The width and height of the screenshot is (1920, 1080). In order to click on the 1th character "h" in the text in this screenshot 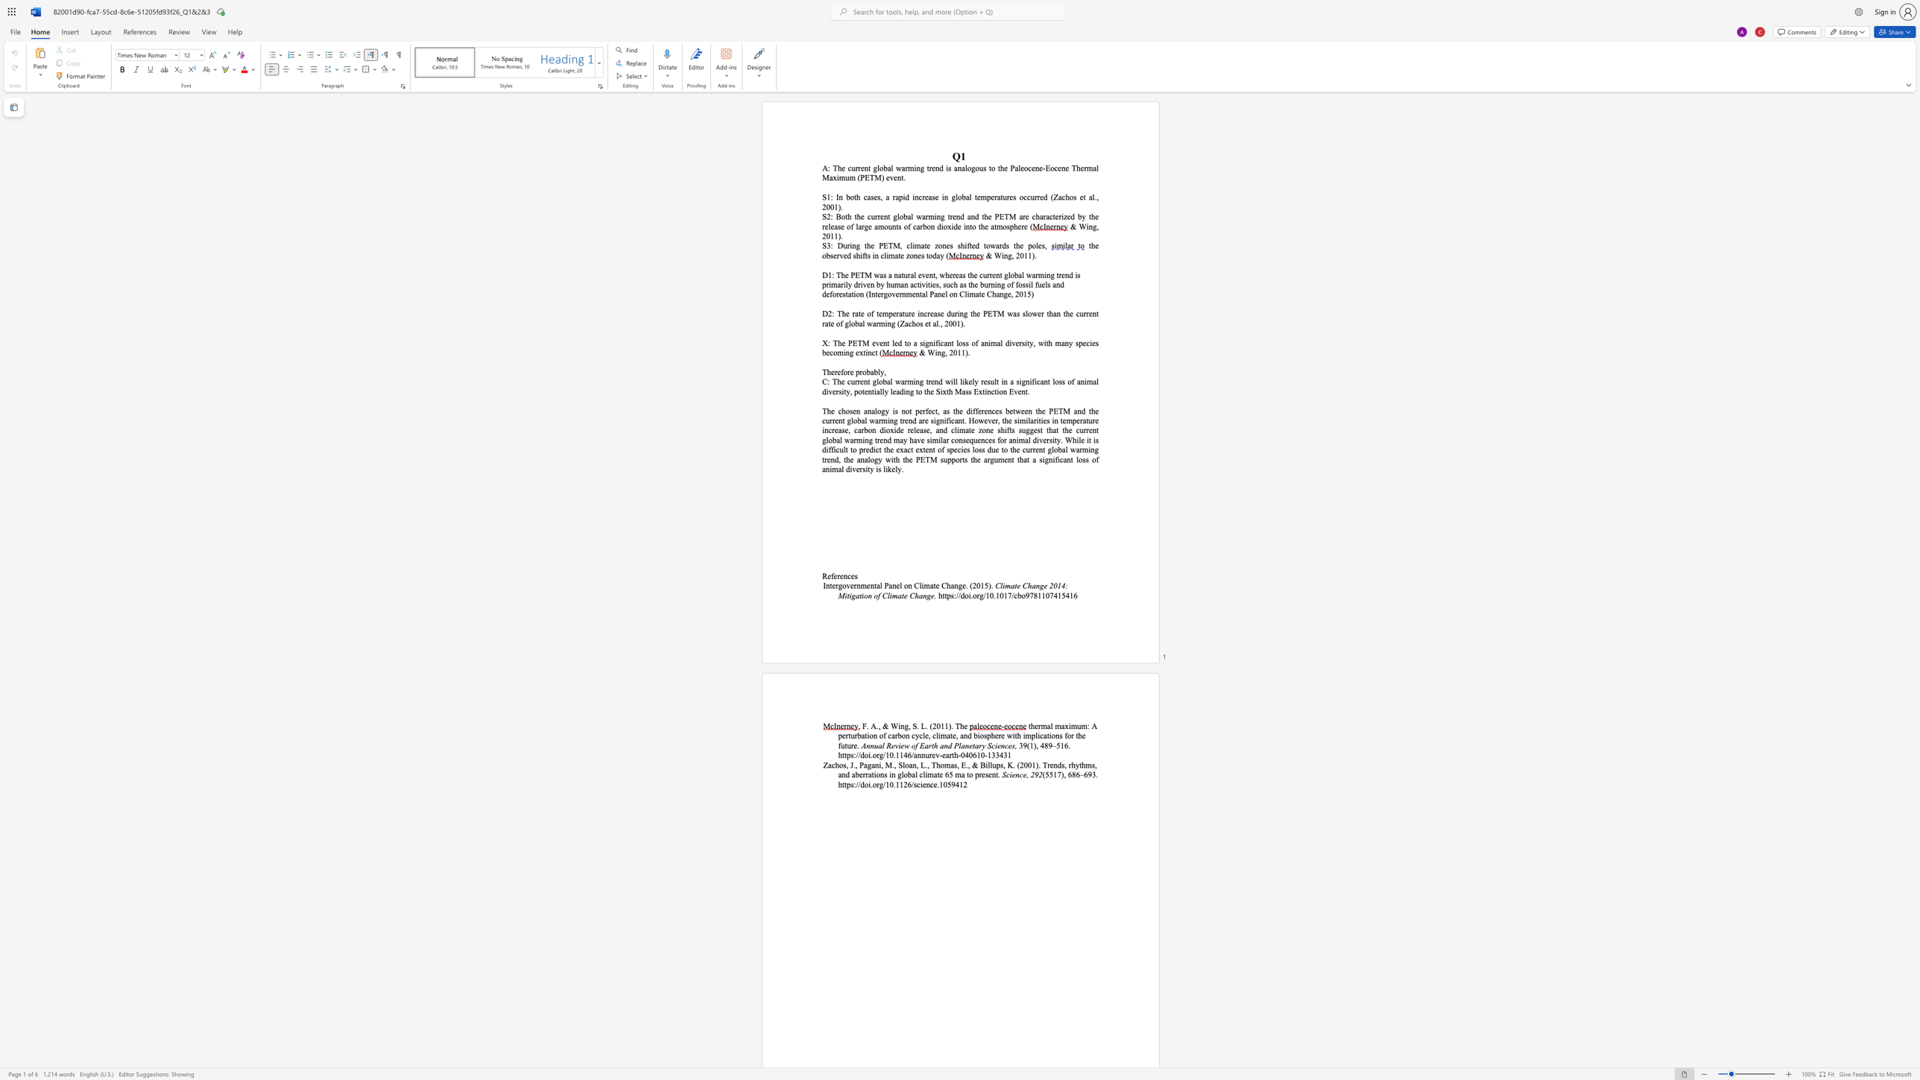, I will do `click(844, 312)`.